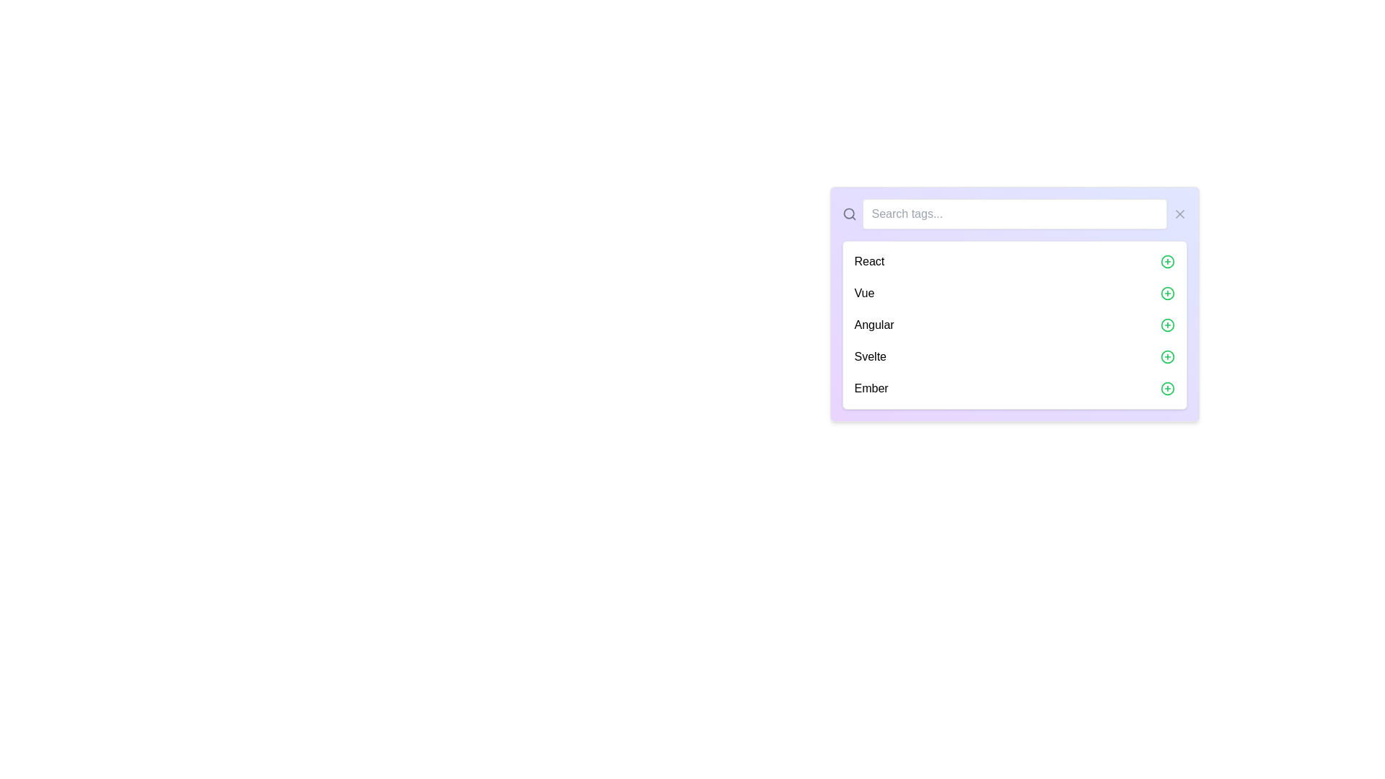  Describe the element at coordinates (871, 388) in the screenshot. I see `the 'Ember' text label, which is the fifth item in the vertical list of tags located under the 'Svelte' item` at that location.